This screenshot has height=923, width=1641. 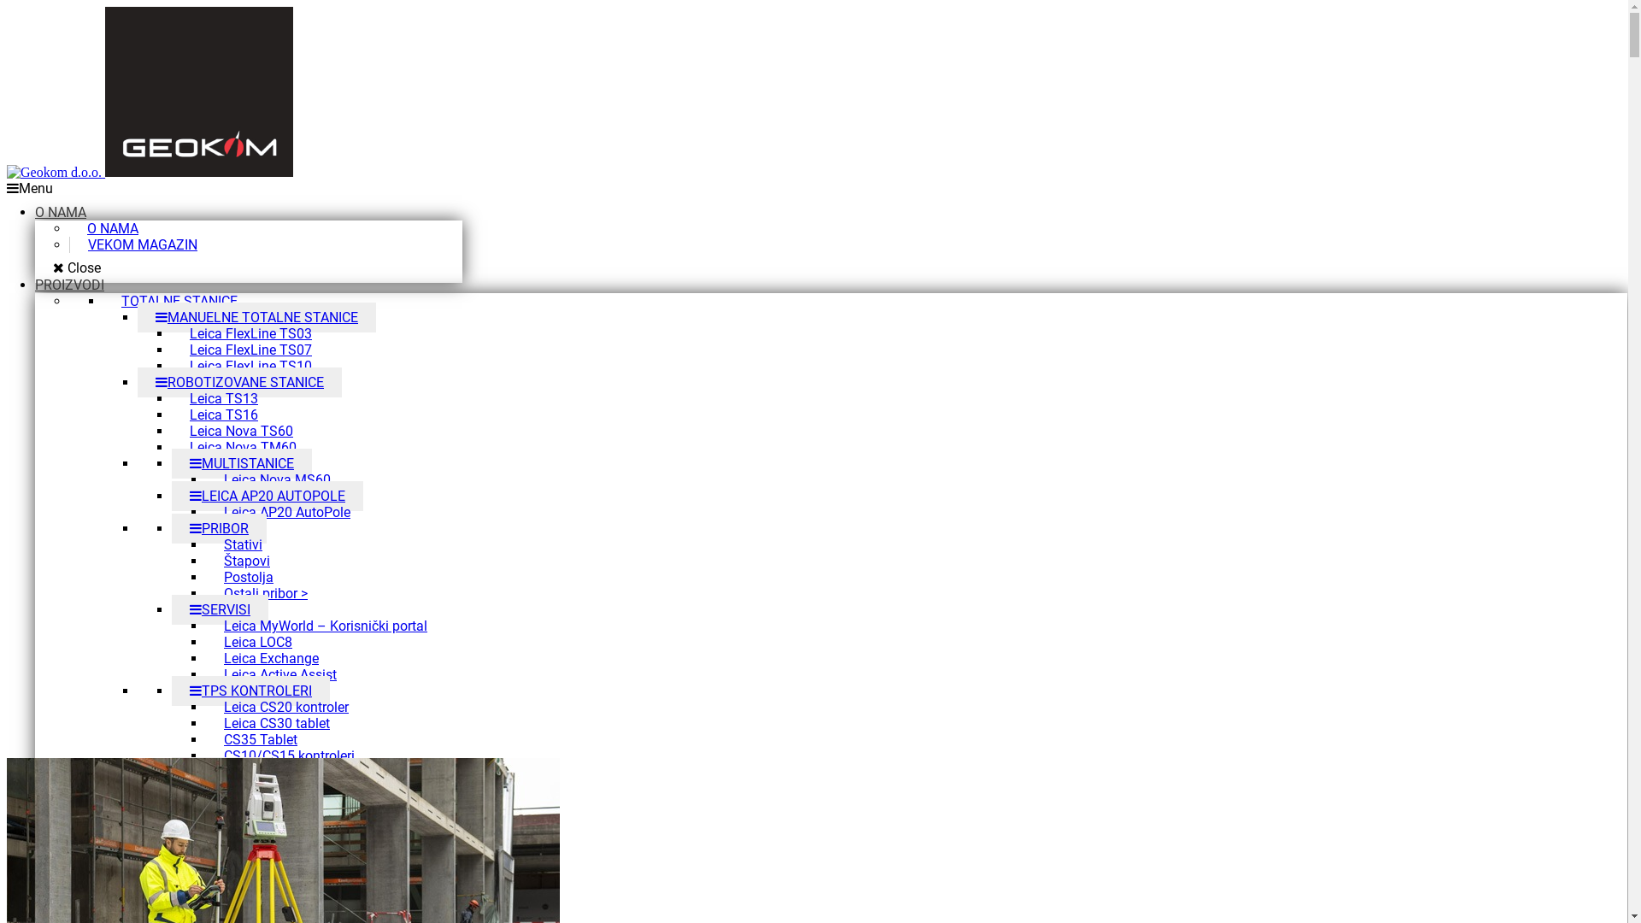 I want to click on 'Leica Exchange', so click(x=270, y=657).